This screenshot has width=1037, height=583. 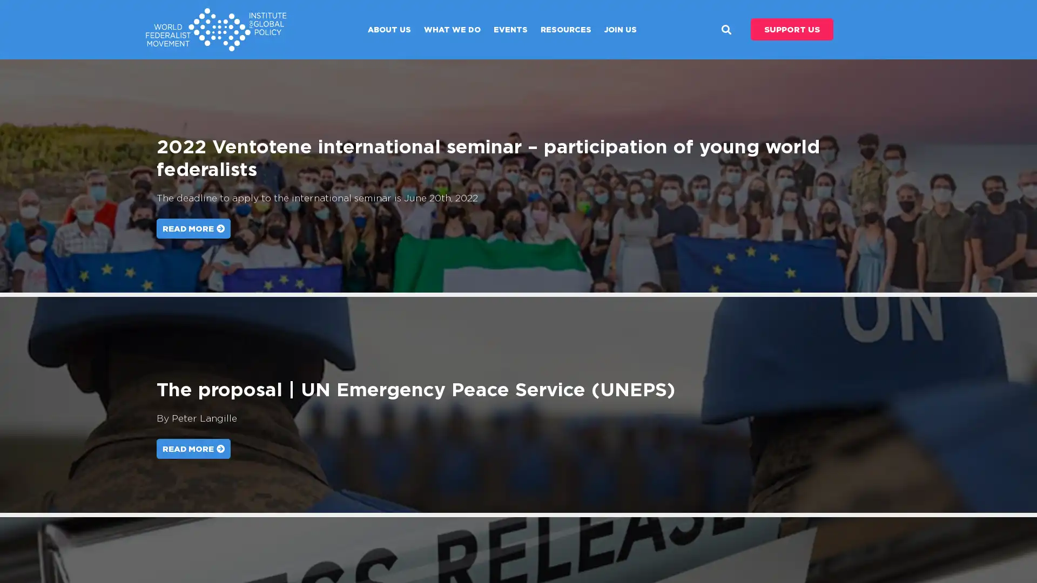 What do you see at coordinates (792, 29) in the screenshot?
I see `SUPPORT US` at bounding box center [792, 29].